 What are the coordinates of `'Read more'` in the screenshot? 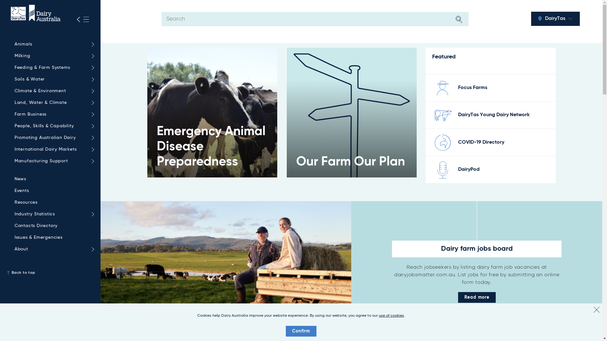 It's located at (458, 297).